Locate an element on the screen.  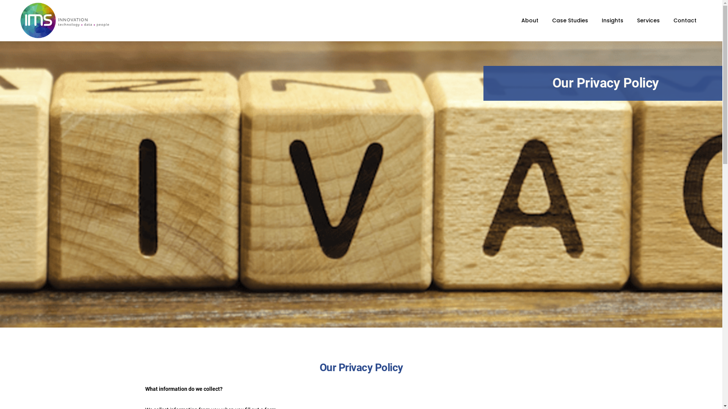
'Contact' is located at coordinates (685, 20).